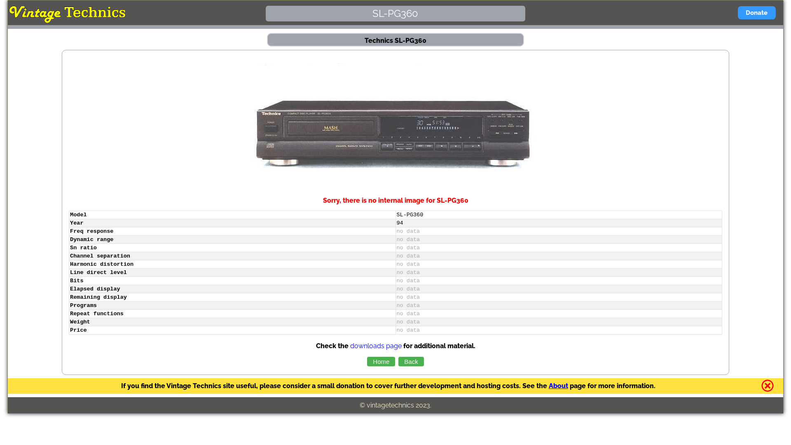  Describe the element at coordinates (737, 12) in the screenshot. I see `'Donate'` at that location.